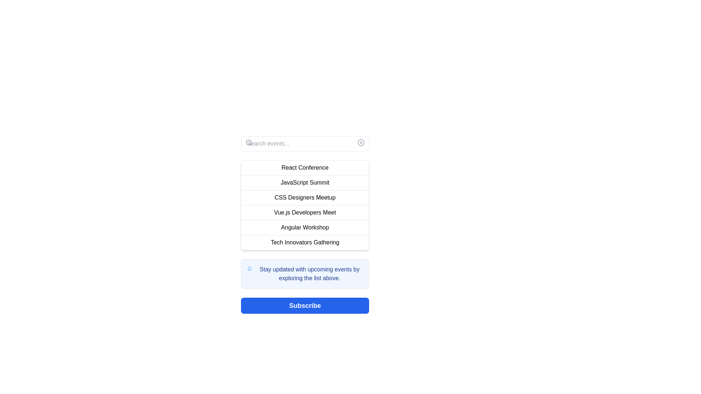 This screenshot has width=701, height=394. What do you see at coordinates (305, 167) in the screenshot?
I see `the first list item labeled 'React Conference' which is located directly below the search bar and above other event entries in the center-right region of the interface` at bounding box center [305, 167].